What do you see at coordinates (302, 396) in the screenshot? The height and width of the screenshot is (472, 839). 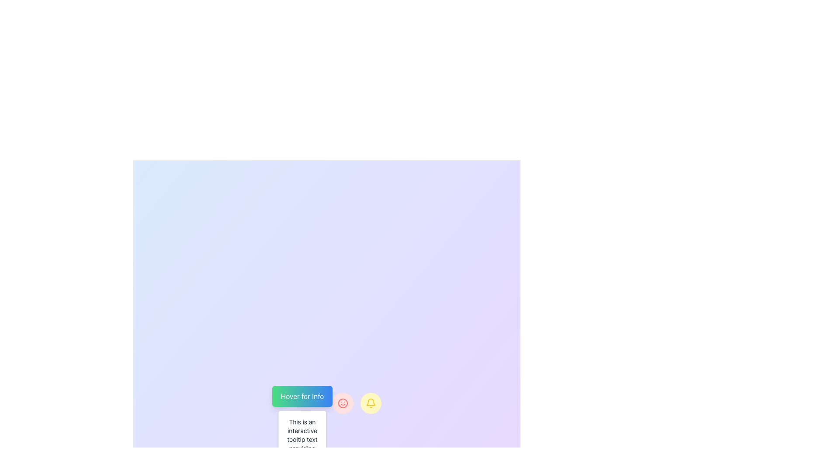 I see `the interactive button that displays additional information in a tooltip when hovered, positioned slightly to the left of two circular buttons and directly above a tooltip box` at bounding box center [302, 396].